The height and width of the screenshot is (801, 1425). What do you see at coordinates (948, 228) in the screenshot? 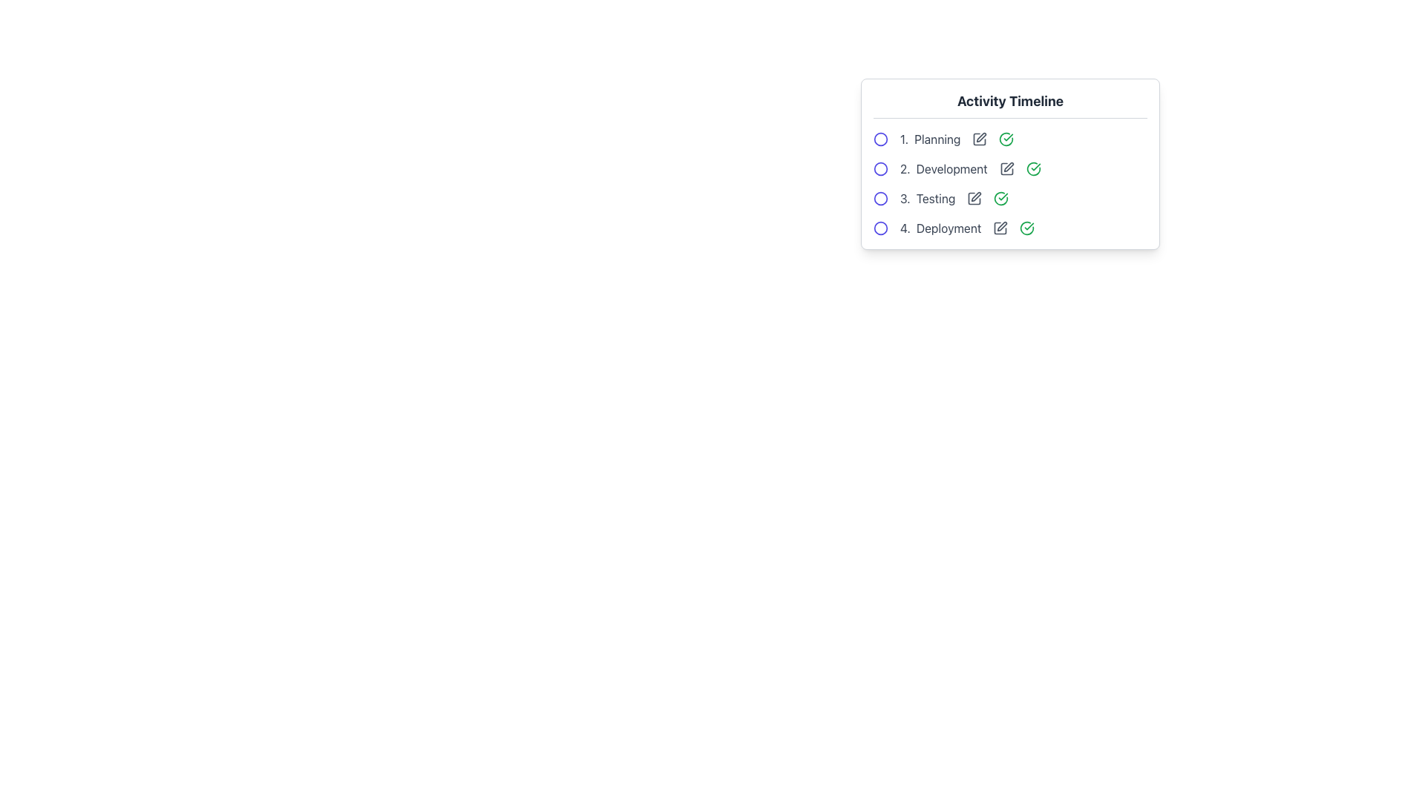
I see `the text label displaying 'Deployment', which is the fourth entry in a vertical list styled in a tabular format, located below 'Planning', 'Development', and 'Testing'` at bounding box center [948, 228].